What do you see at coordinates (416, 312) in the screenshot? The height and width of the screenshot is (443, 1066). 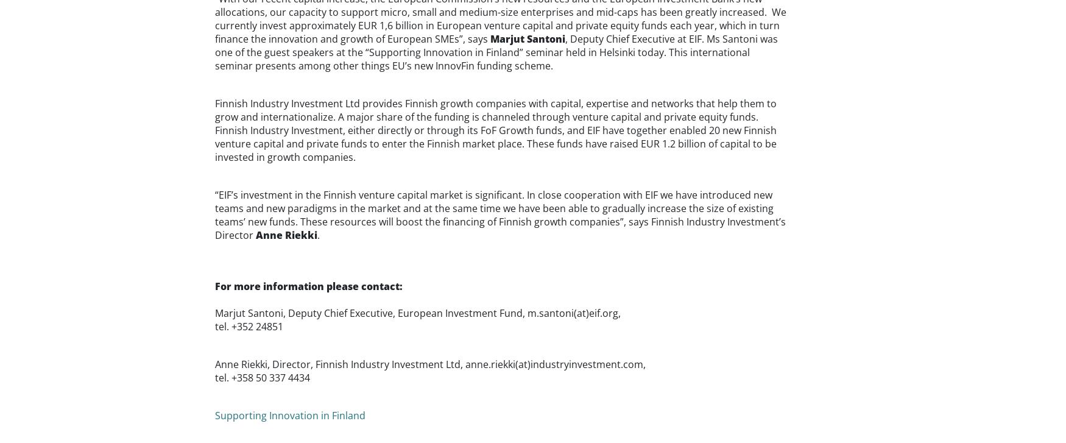 I see `'Marjut Santoni, Deputy Chief Executive, European Investment Fund, m.santoni(at)eif.org,'` at bounding box center [416, 312].